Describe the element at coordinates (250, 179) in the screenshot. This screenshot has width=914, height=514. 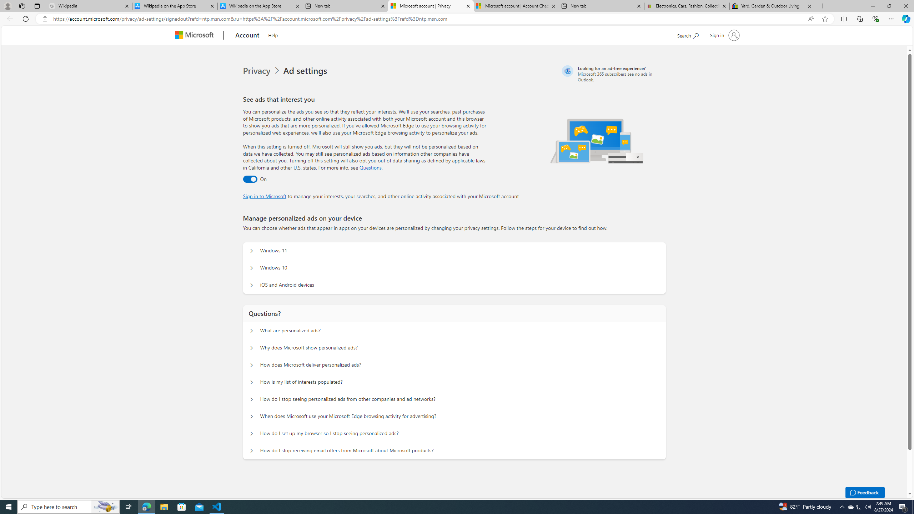
I see `'Ad settings toggle'` at that location.